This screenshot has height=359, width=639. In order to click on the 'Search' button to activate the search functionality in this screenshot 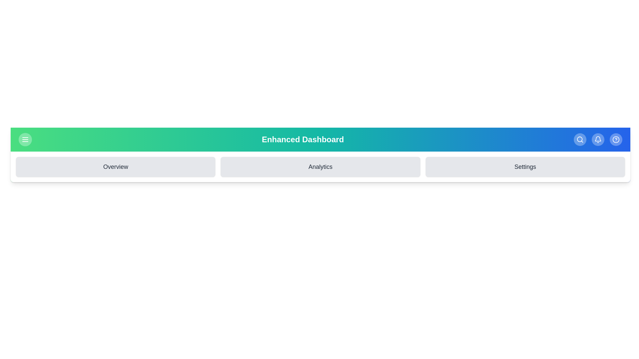, I will do `click(579, 139)`.